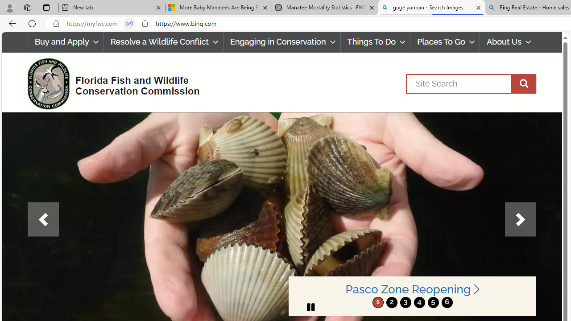 Image resolution: width=571 pixels, height=321 pixels. I want to click on 'move to slide 3', so click(405, 302).